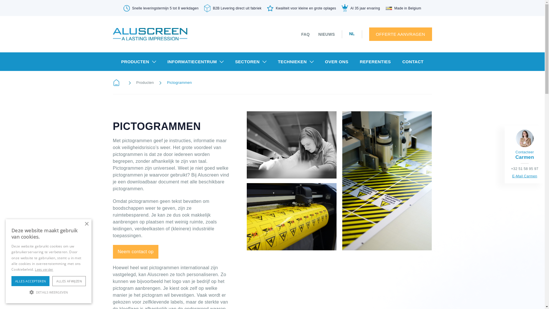 The height and width of the screenshot is (309, 549). Describe the element at coordinates (112, 251) in the screenshot. I see `'Neem contact op'` at that location.